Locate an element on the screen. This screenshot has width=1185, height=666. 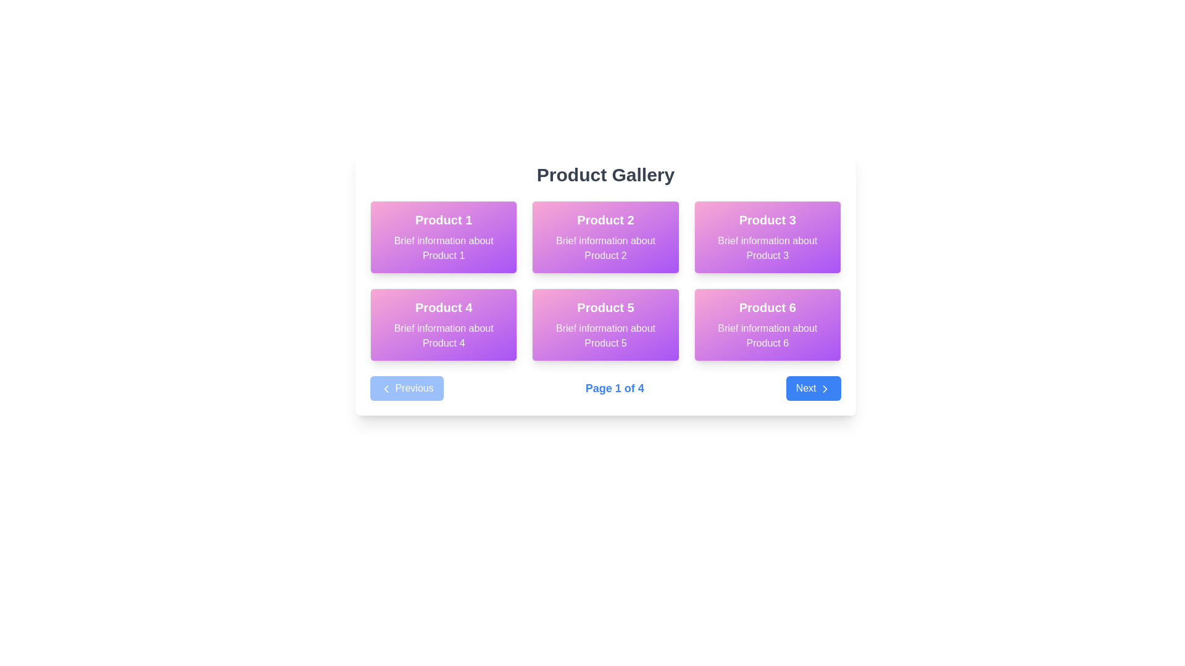
the Informational Card titled 'Product 6', located in the bottom-right corner of a 2x3 grid layout, to interact with neighboring elements is located at coordinates (767, 324).